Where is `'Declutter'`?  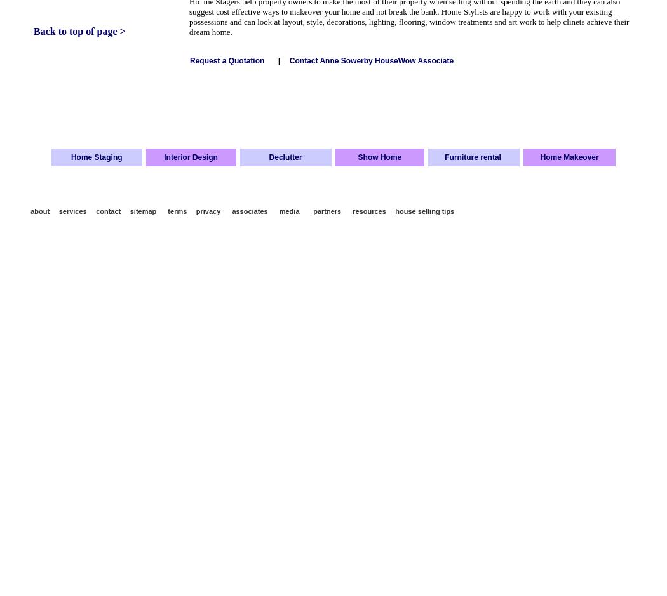 'Declutter' is located at coordinates (284, 156).